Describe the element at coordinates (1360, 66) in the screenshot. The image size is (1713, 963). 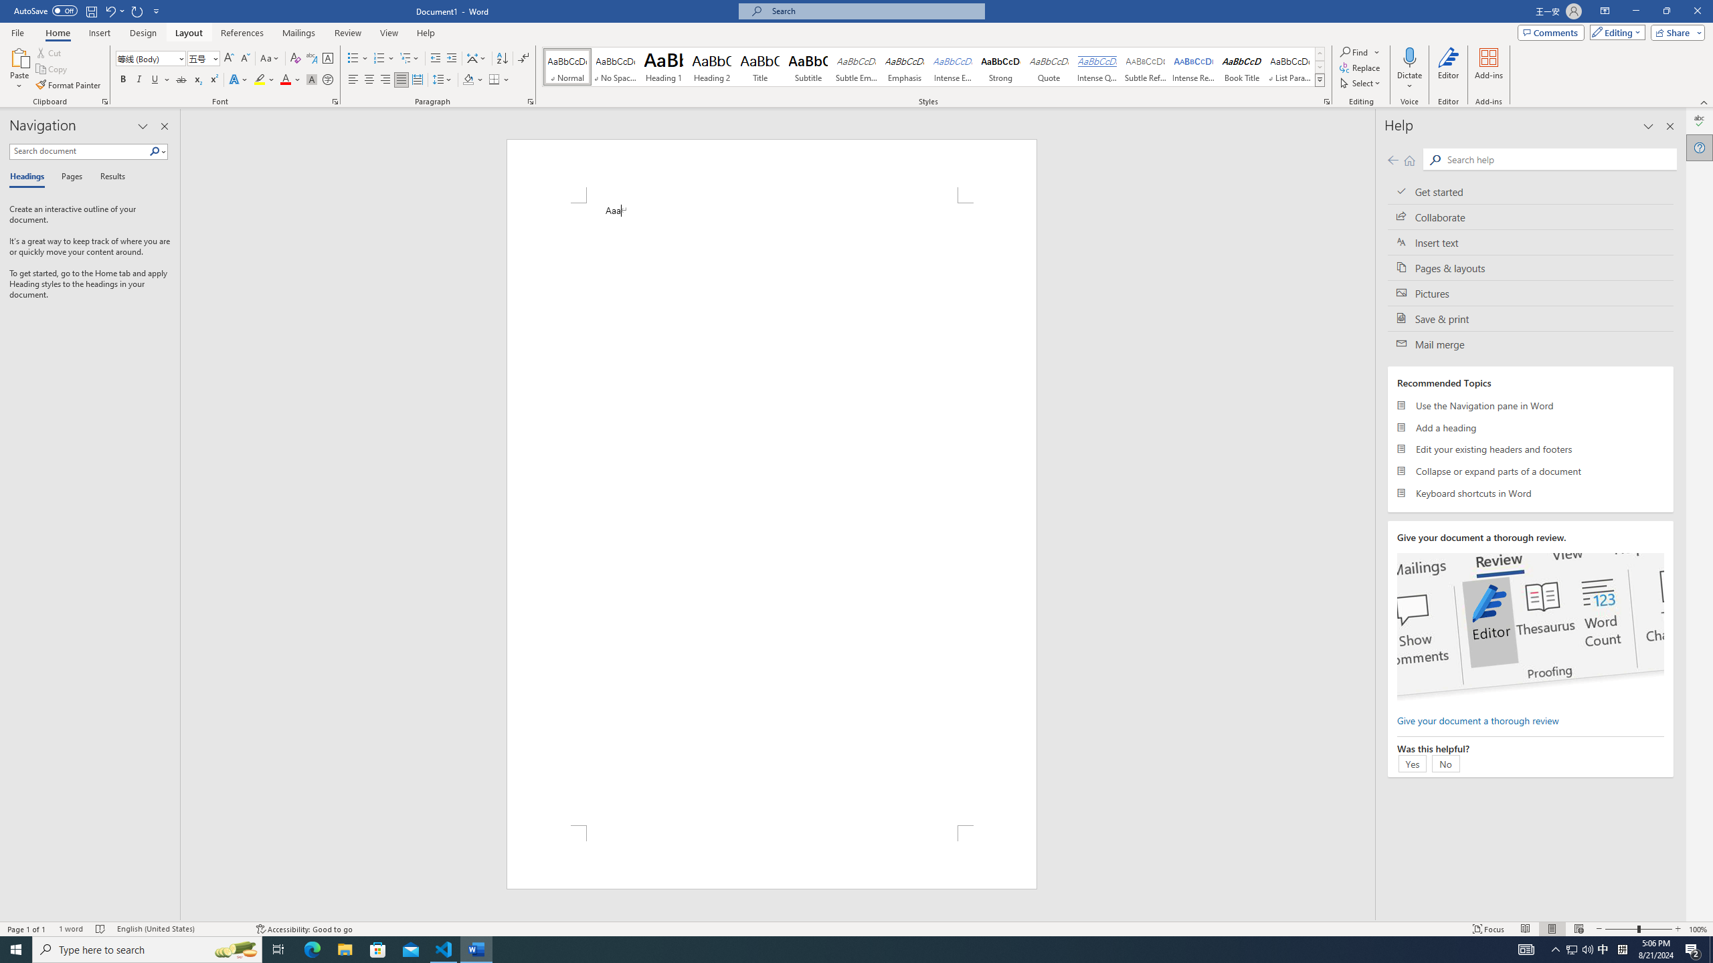
I see `'Replace...'` at that location.